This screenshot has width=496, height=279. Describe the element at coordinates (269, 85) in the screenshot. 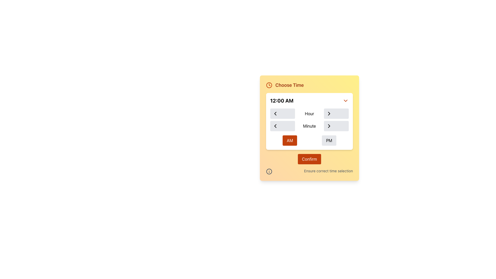

I see `the clock icon representing the 'Choose Time' feature, which is positioned to the left of the 'Choose Time' label` at that location.